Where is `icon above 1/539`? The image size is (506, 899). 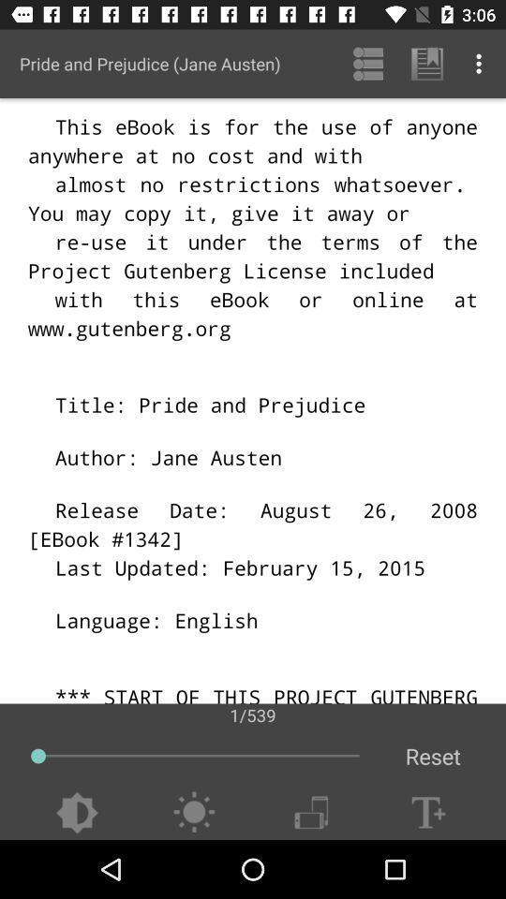 icon above 1/539 is located at coordinates (368, 64).